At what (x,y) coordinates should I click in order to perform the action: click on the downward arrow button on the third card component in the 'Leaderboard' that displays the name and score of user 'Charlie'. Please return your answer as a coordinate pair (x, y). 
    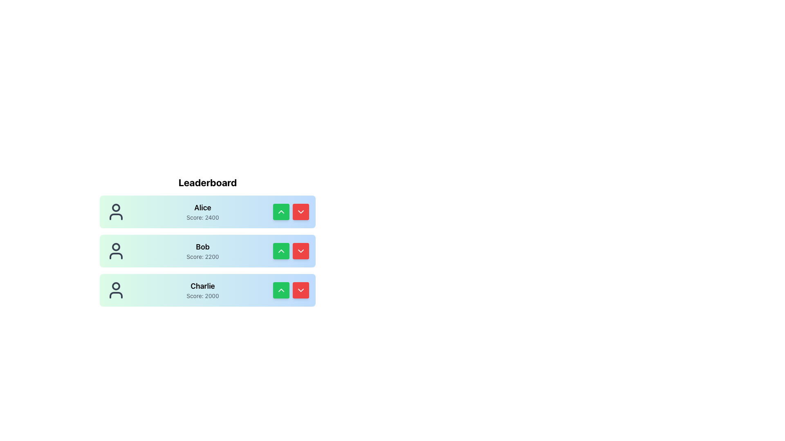
    Looking at the image, I should click on (208, 290).